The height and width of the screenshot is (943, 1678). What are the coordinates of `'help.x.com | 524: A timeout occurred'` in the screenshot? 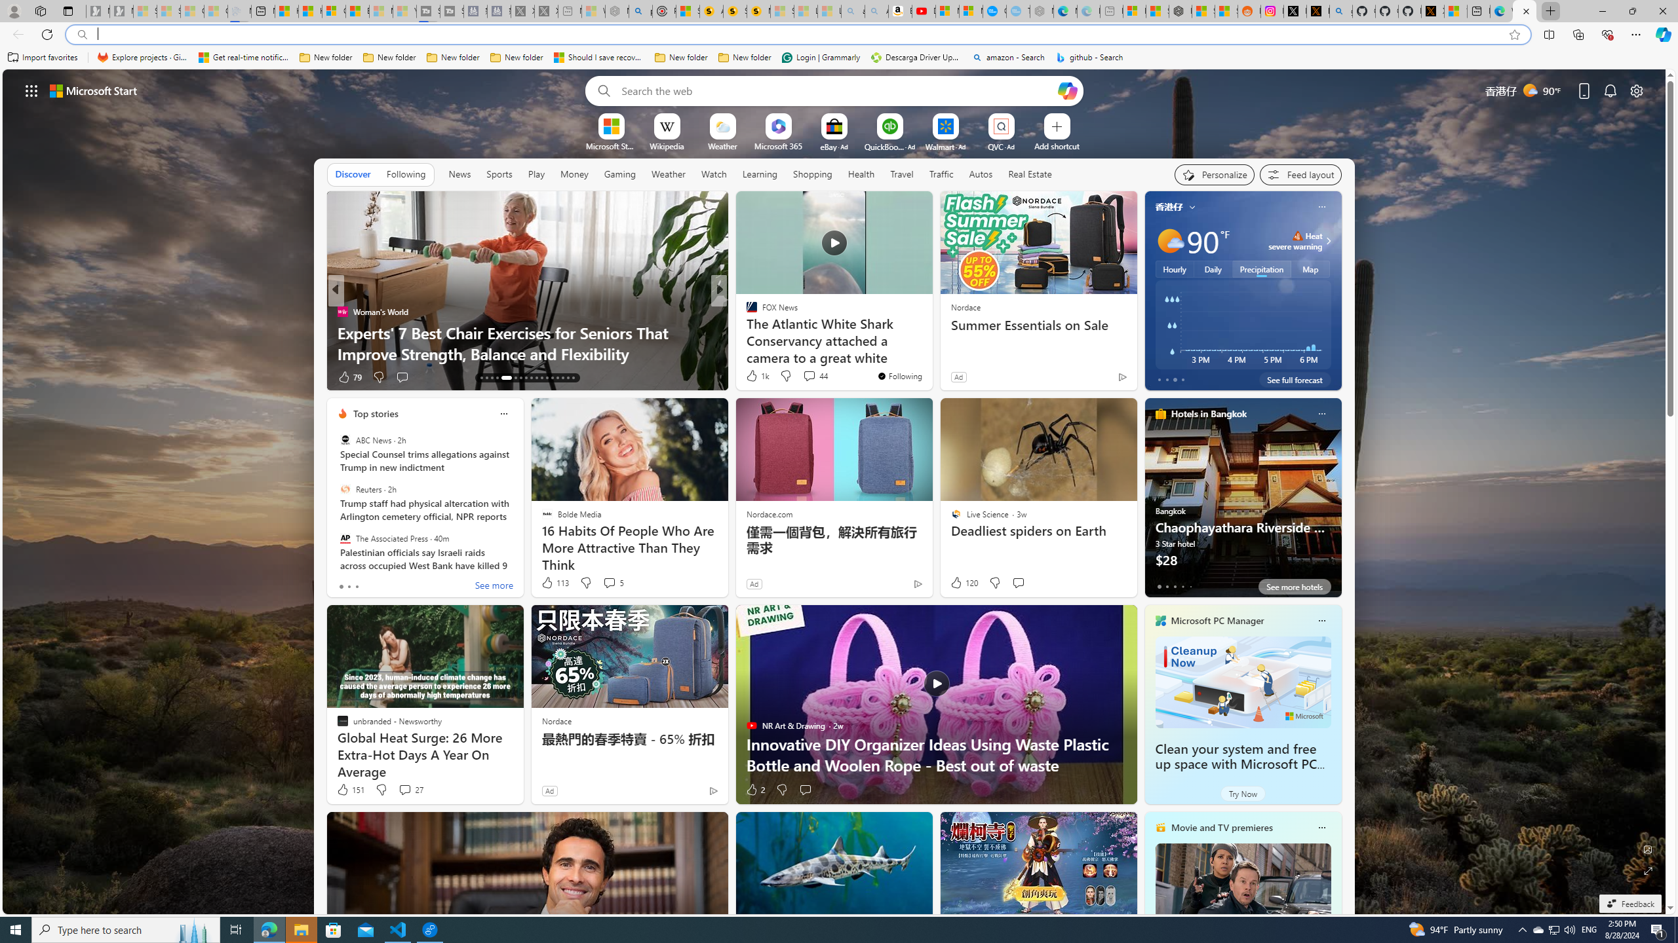 It's located at (1317, 10).